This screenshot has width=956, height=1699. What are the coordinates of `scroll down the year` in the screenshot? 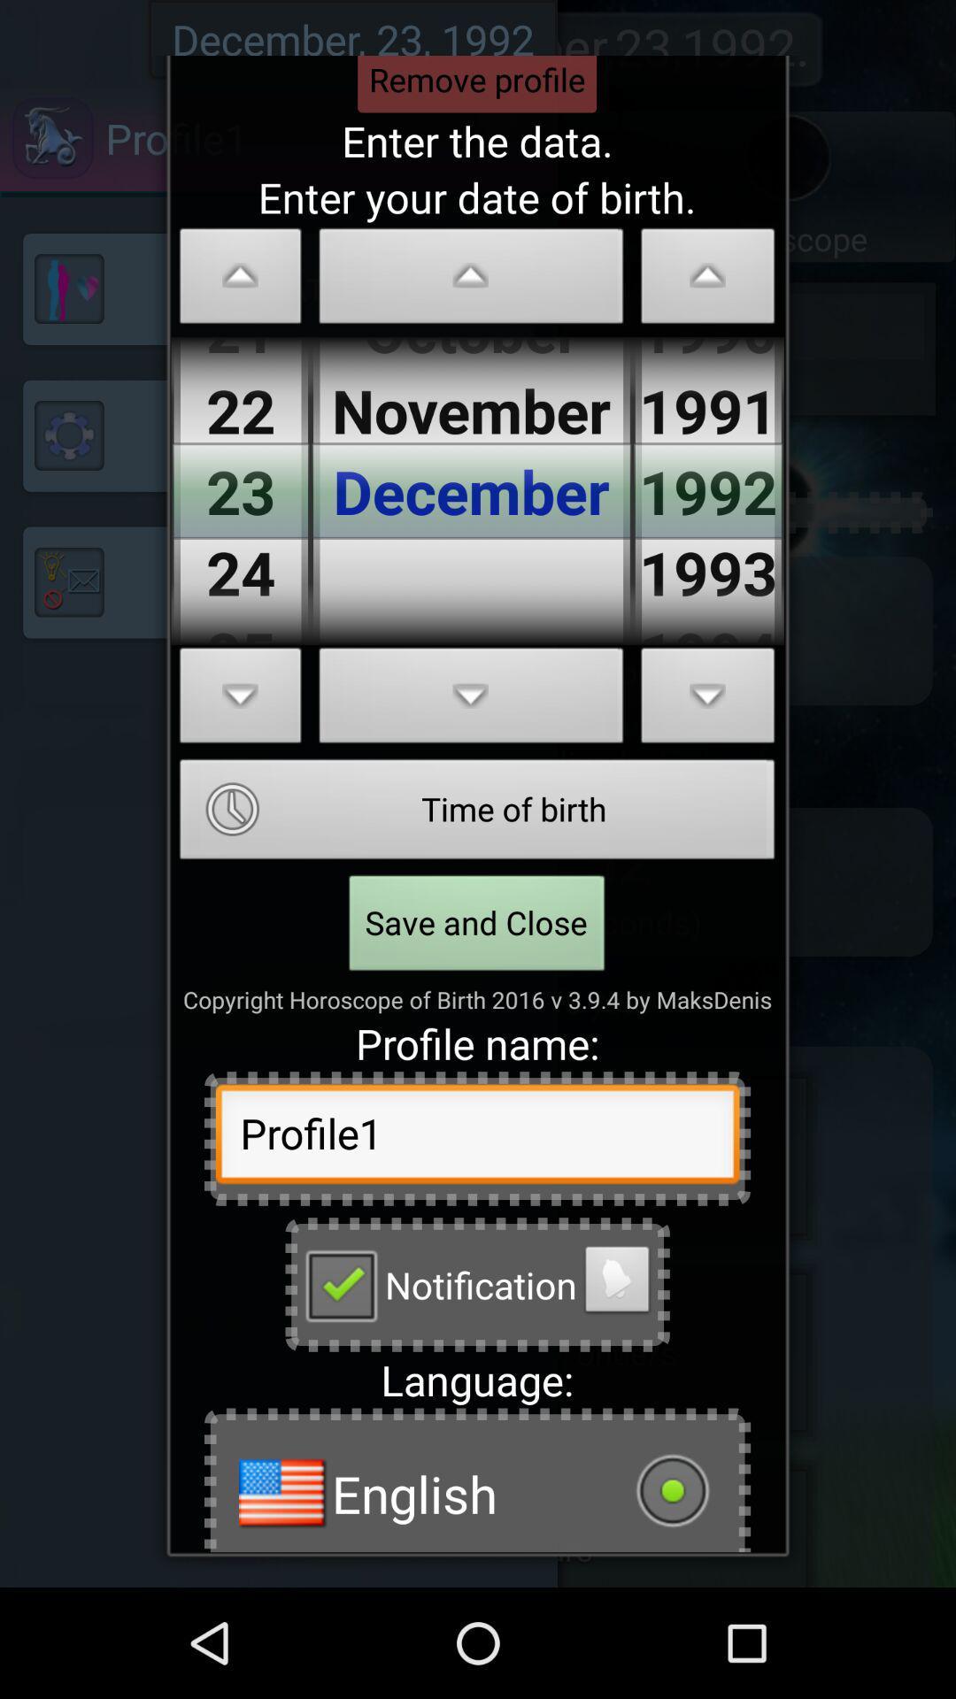 It's located at (707, 700).